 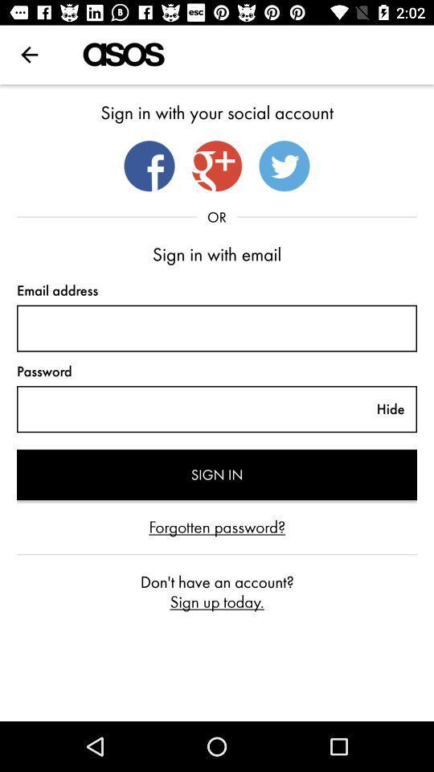 What do you see at coordinates (217, 327) in the screenshot?
I see `cre a new email account` at bounding box center [217, 327].